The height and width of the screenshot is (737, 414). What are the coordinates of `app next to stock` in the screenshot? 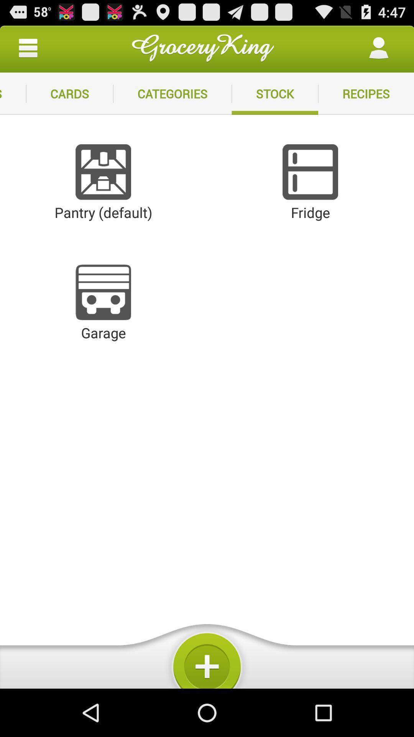 It's located at (366, 93).